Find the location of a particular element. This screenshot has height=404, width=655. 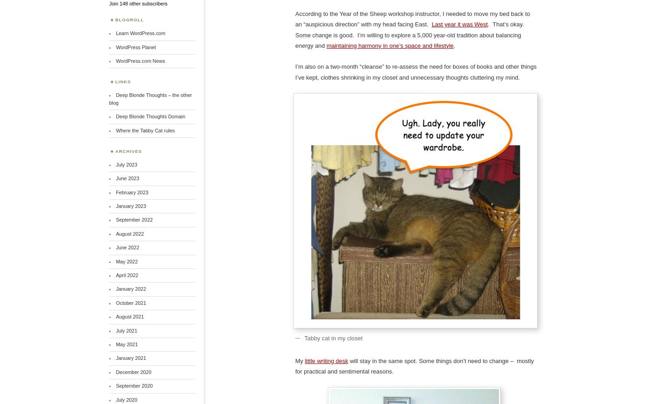

'July 2023' is located at coordinates (126, 164).